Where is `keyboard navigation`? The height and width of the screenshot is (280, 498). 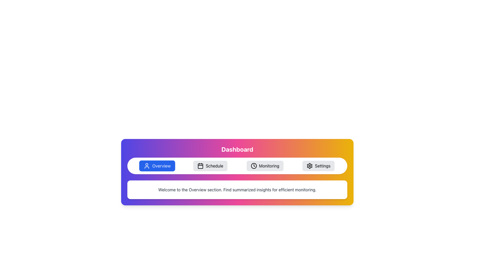
keyboard navigation is located at coordinates (310, 166).